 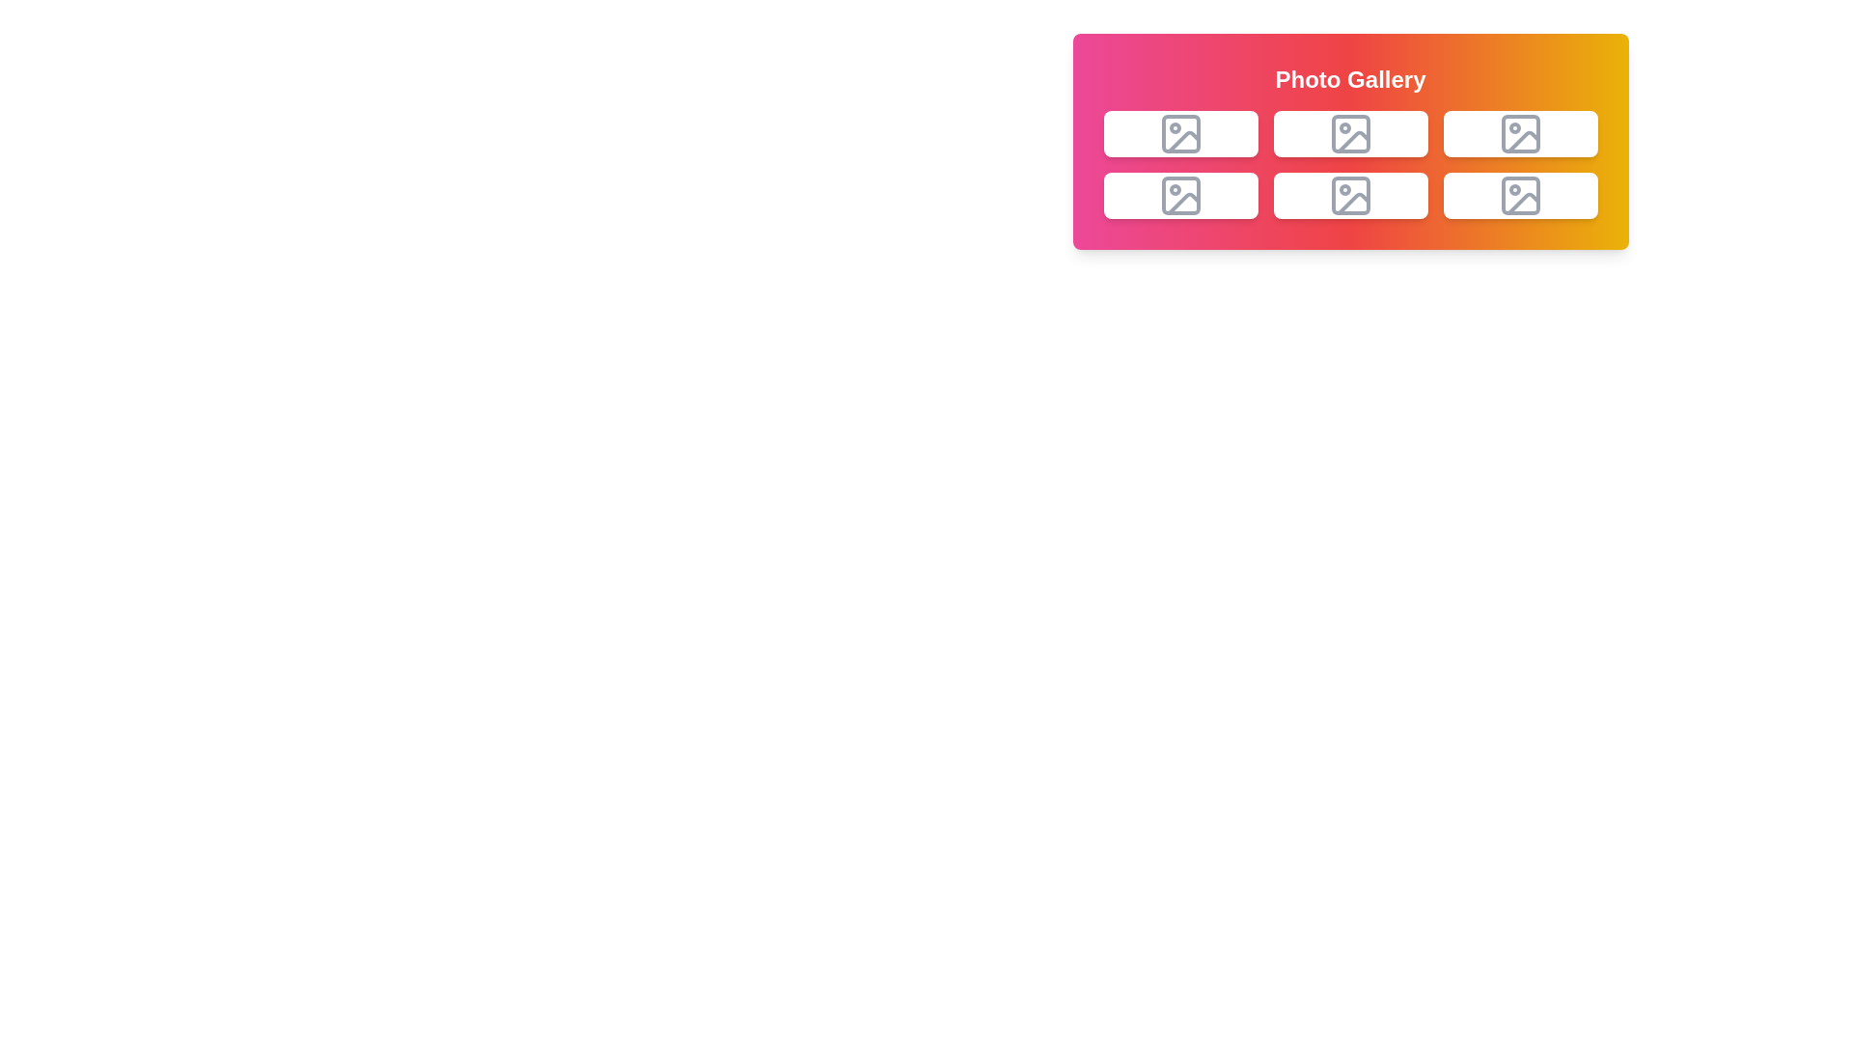 What do you see at coordinates (1155, 196) in the screenshot?
I see `the blue eye graphical icon located within the white circular button in the 'Photo Gallery' interface` at bounding box center [1155, 196].